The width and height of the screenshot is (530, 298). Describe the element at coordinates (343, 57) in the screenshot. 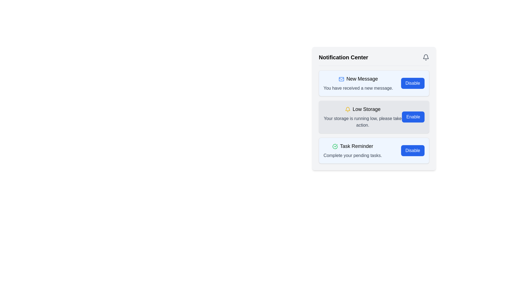

I see `the bold title text that says 'Notification Center', prominently displayed at the top of the panel` at that location.